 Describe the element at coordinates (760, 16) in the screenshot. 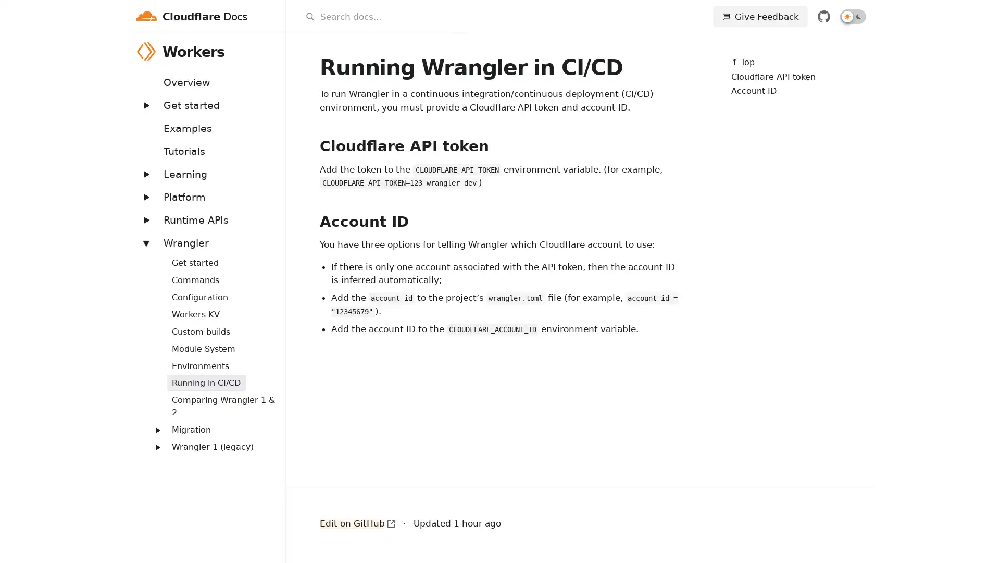

I see `Give Feedback` at that location.